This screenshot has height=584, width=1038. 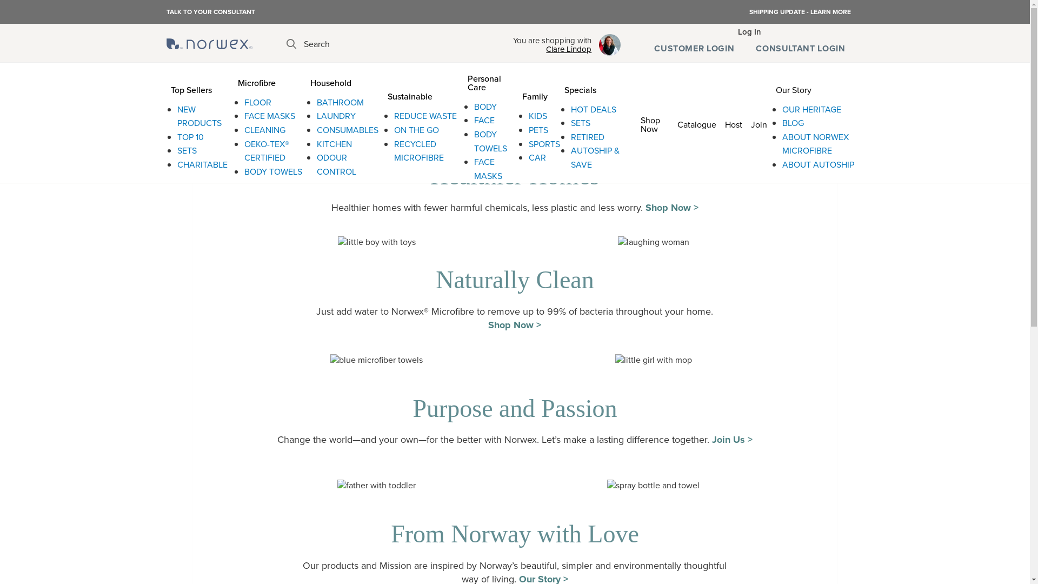 I want to click on 'Shop Now >', so click(x=514, y=324).